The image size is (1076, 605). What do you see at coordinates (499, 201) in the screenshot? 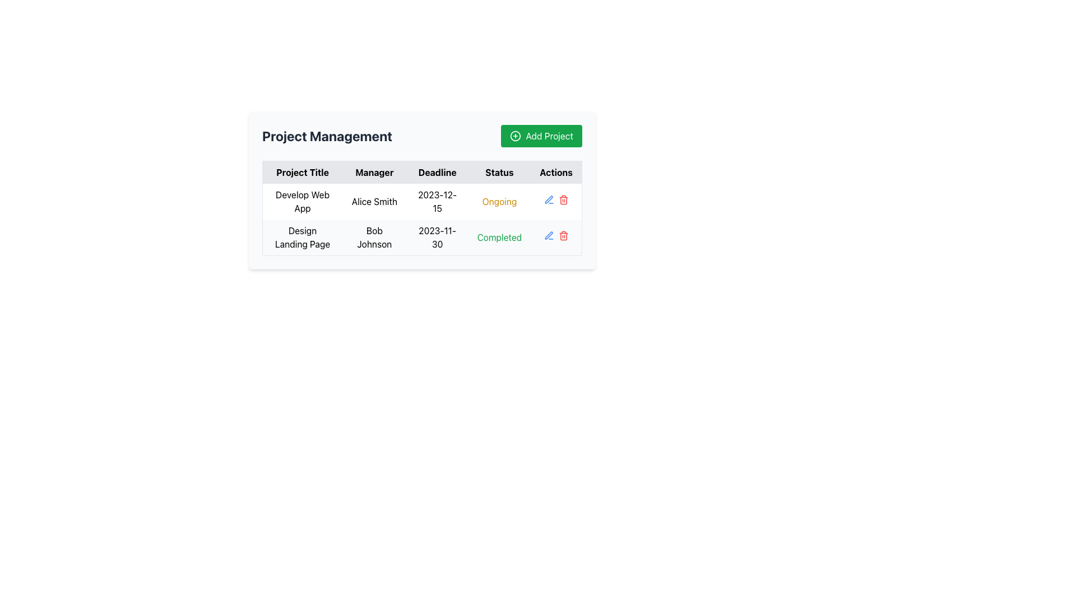
I see `the 'Ongoing' status text label located in the first row of the 'Status' column in the 'Project Management' section` at bounding box center [499, 201].